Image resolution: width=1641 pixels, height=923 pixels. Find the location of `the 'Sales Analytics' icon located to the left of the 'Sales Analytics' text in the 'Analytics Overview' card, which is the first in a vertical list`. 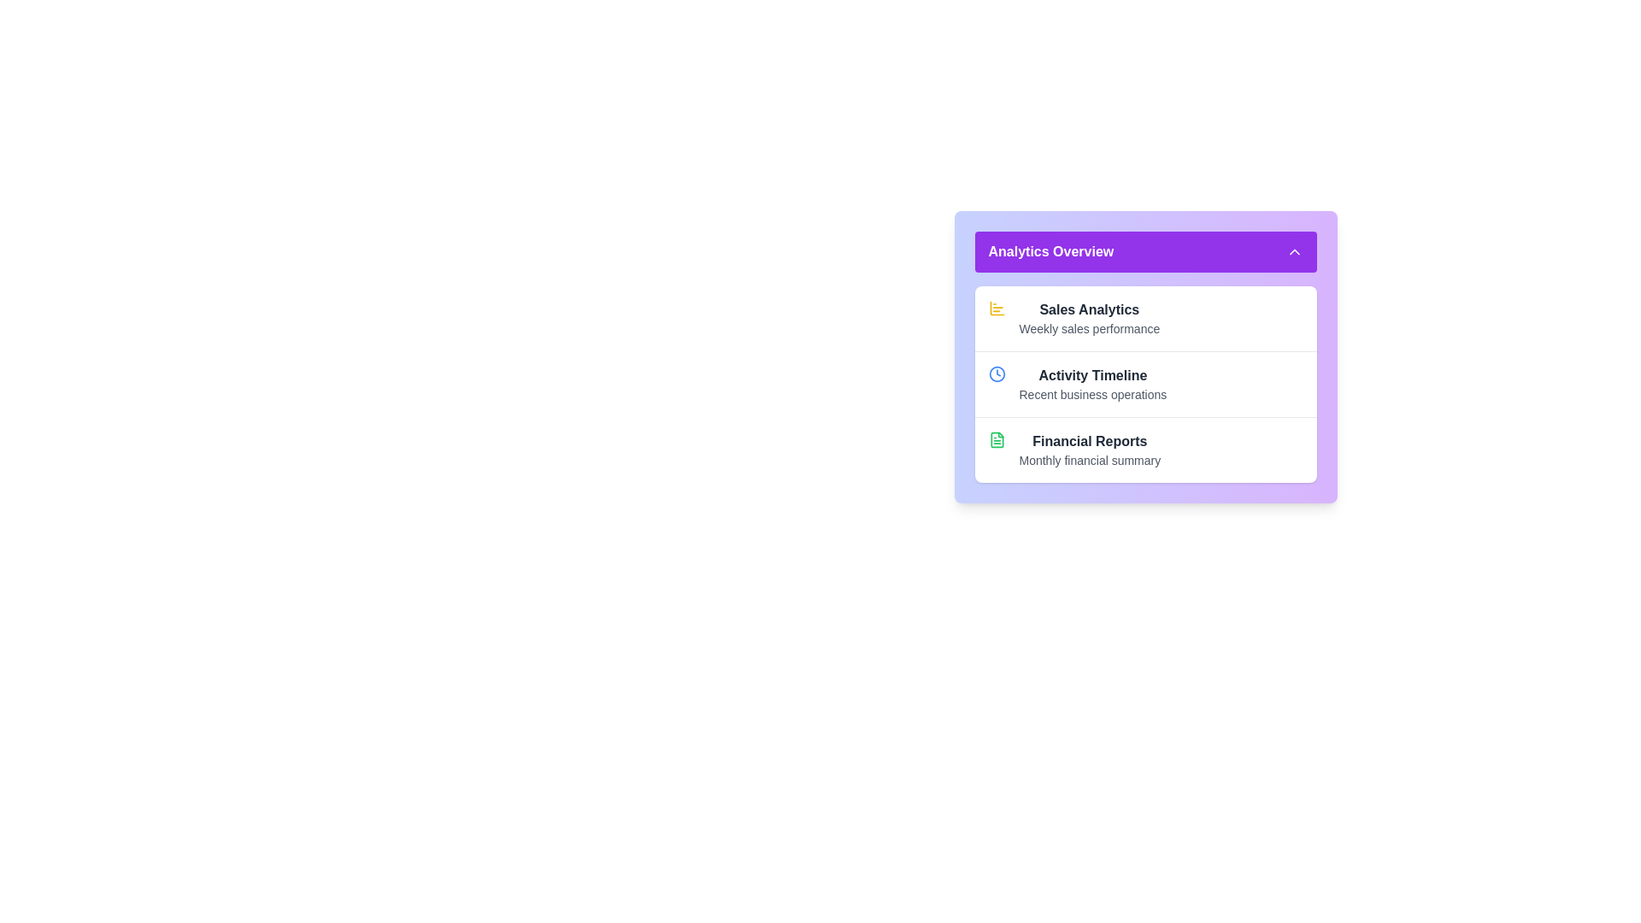

the 'Sales Analytics' icon located to the left of the 'Sales Analytics' text in the 'Analytics Overview' card, which is the first in a vertical list is located at coordinates (997, 309).